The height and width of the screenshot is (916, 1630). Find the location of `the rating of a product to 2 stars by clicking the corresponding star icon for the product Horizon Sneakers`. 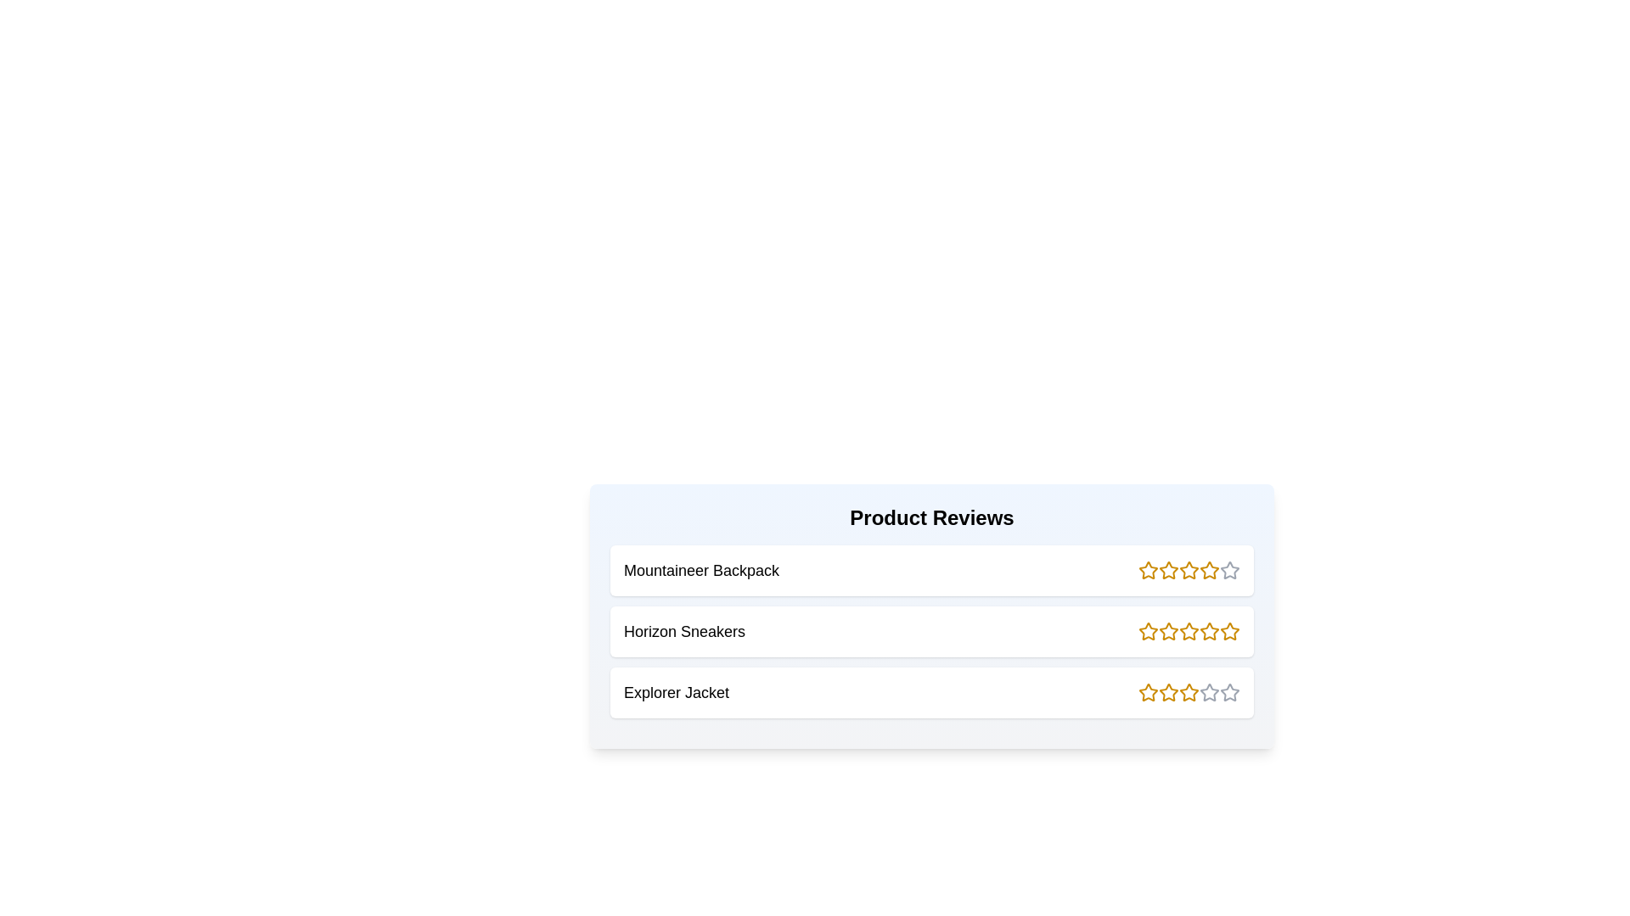

the rating of a product to 2 stars by clicking the corresponding star icon for the product Horizon Sneakers is located at coordinates (1168, 631).